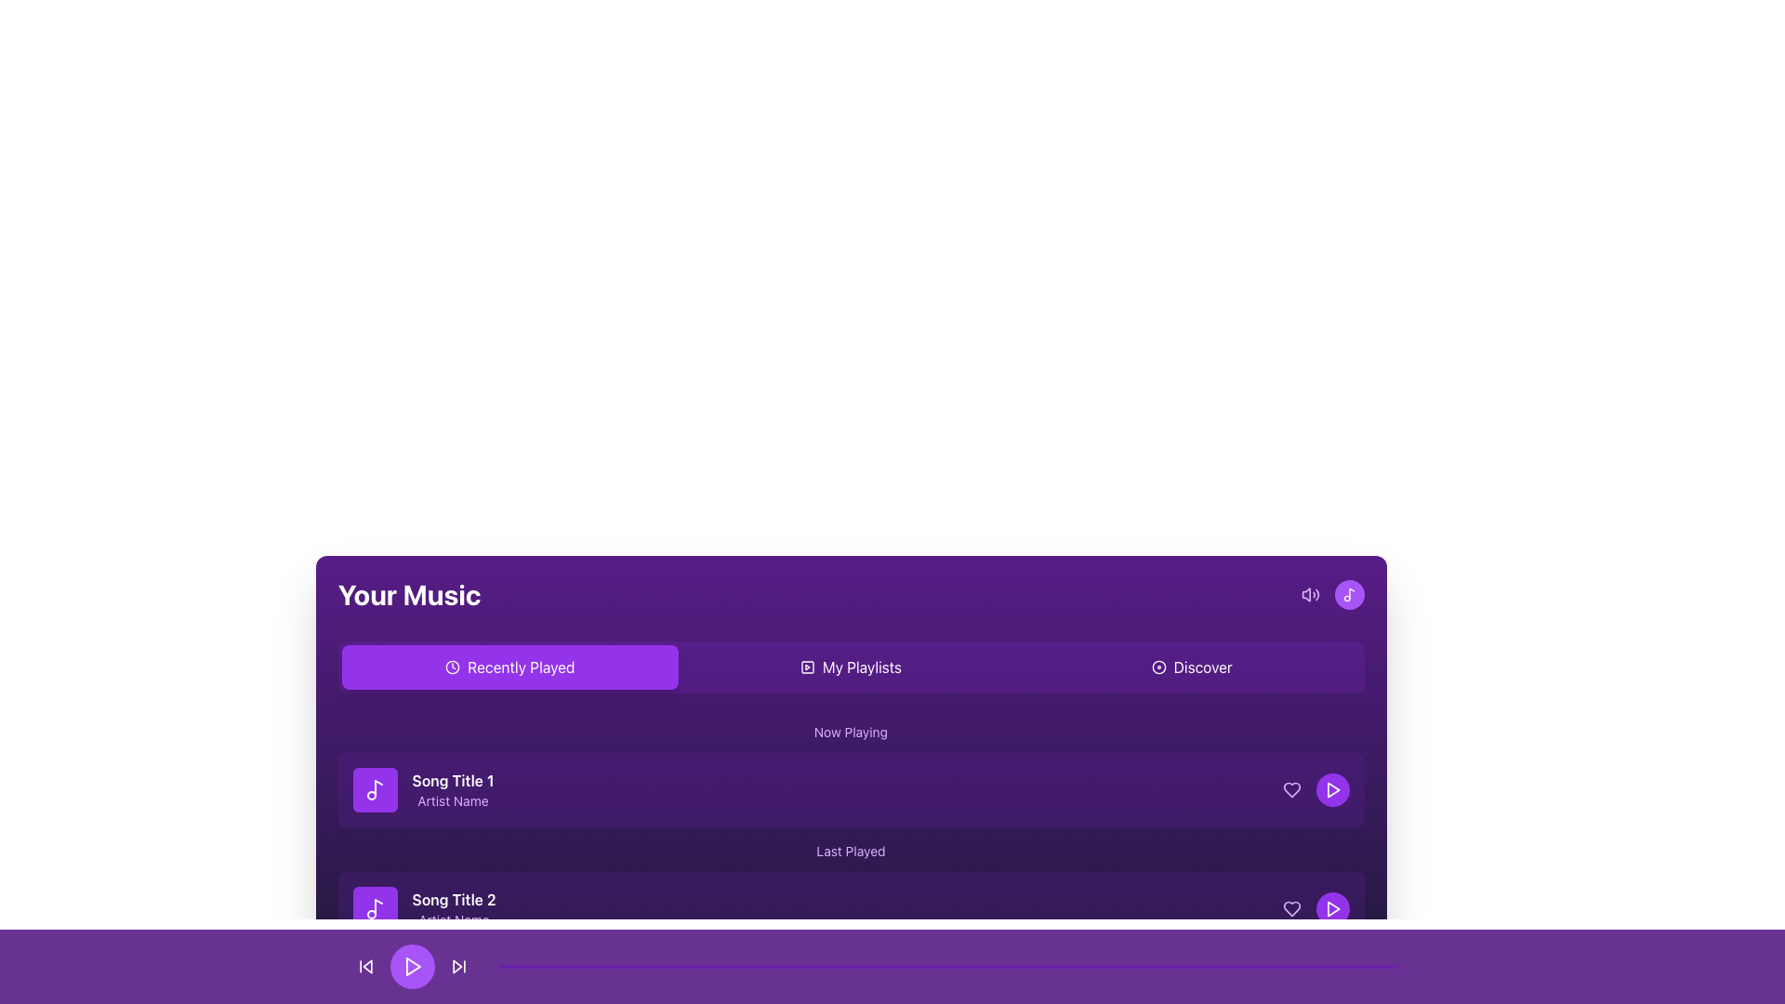 Image resolution: width=1785 pixels, height=1004 pixels. Describe the element at coordinates (459, 966) in the screenshot. I see `the 'Skip Forward' button located in the bottom control bar, to the right of the circular play button, to skip forward to the next item in the playlist` at that location.